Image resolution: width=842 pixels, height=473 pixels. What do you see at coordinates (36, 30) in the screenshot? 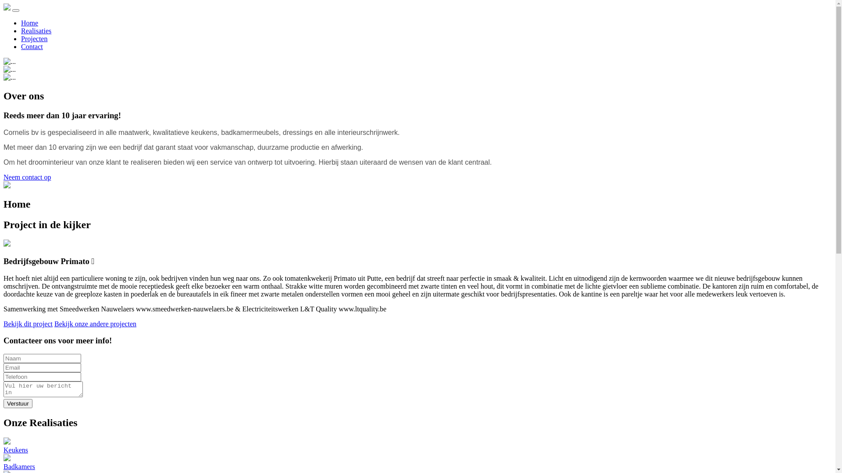
I see `'Realisaties'` at bounding box center [36, 30].